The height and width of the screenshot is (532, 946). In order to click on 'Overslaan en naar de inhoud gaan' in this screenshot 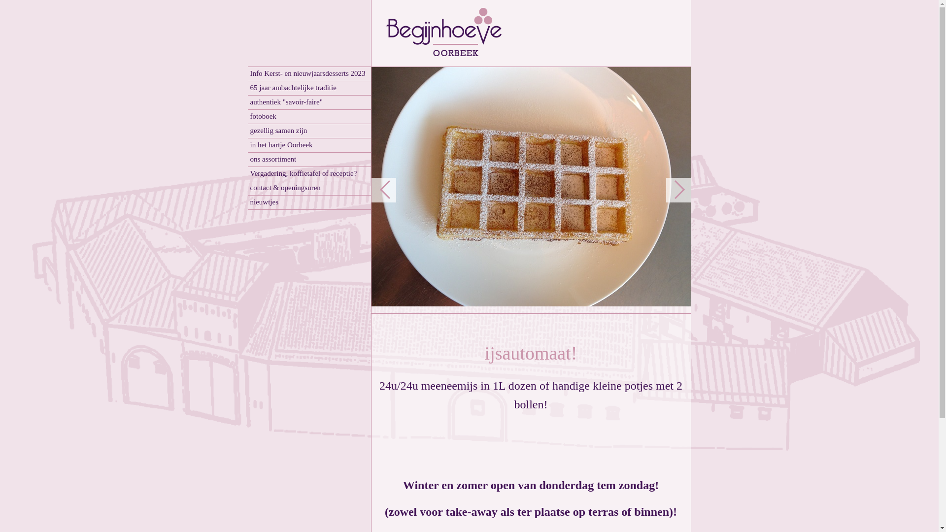, I will do `click(57, 4)`.